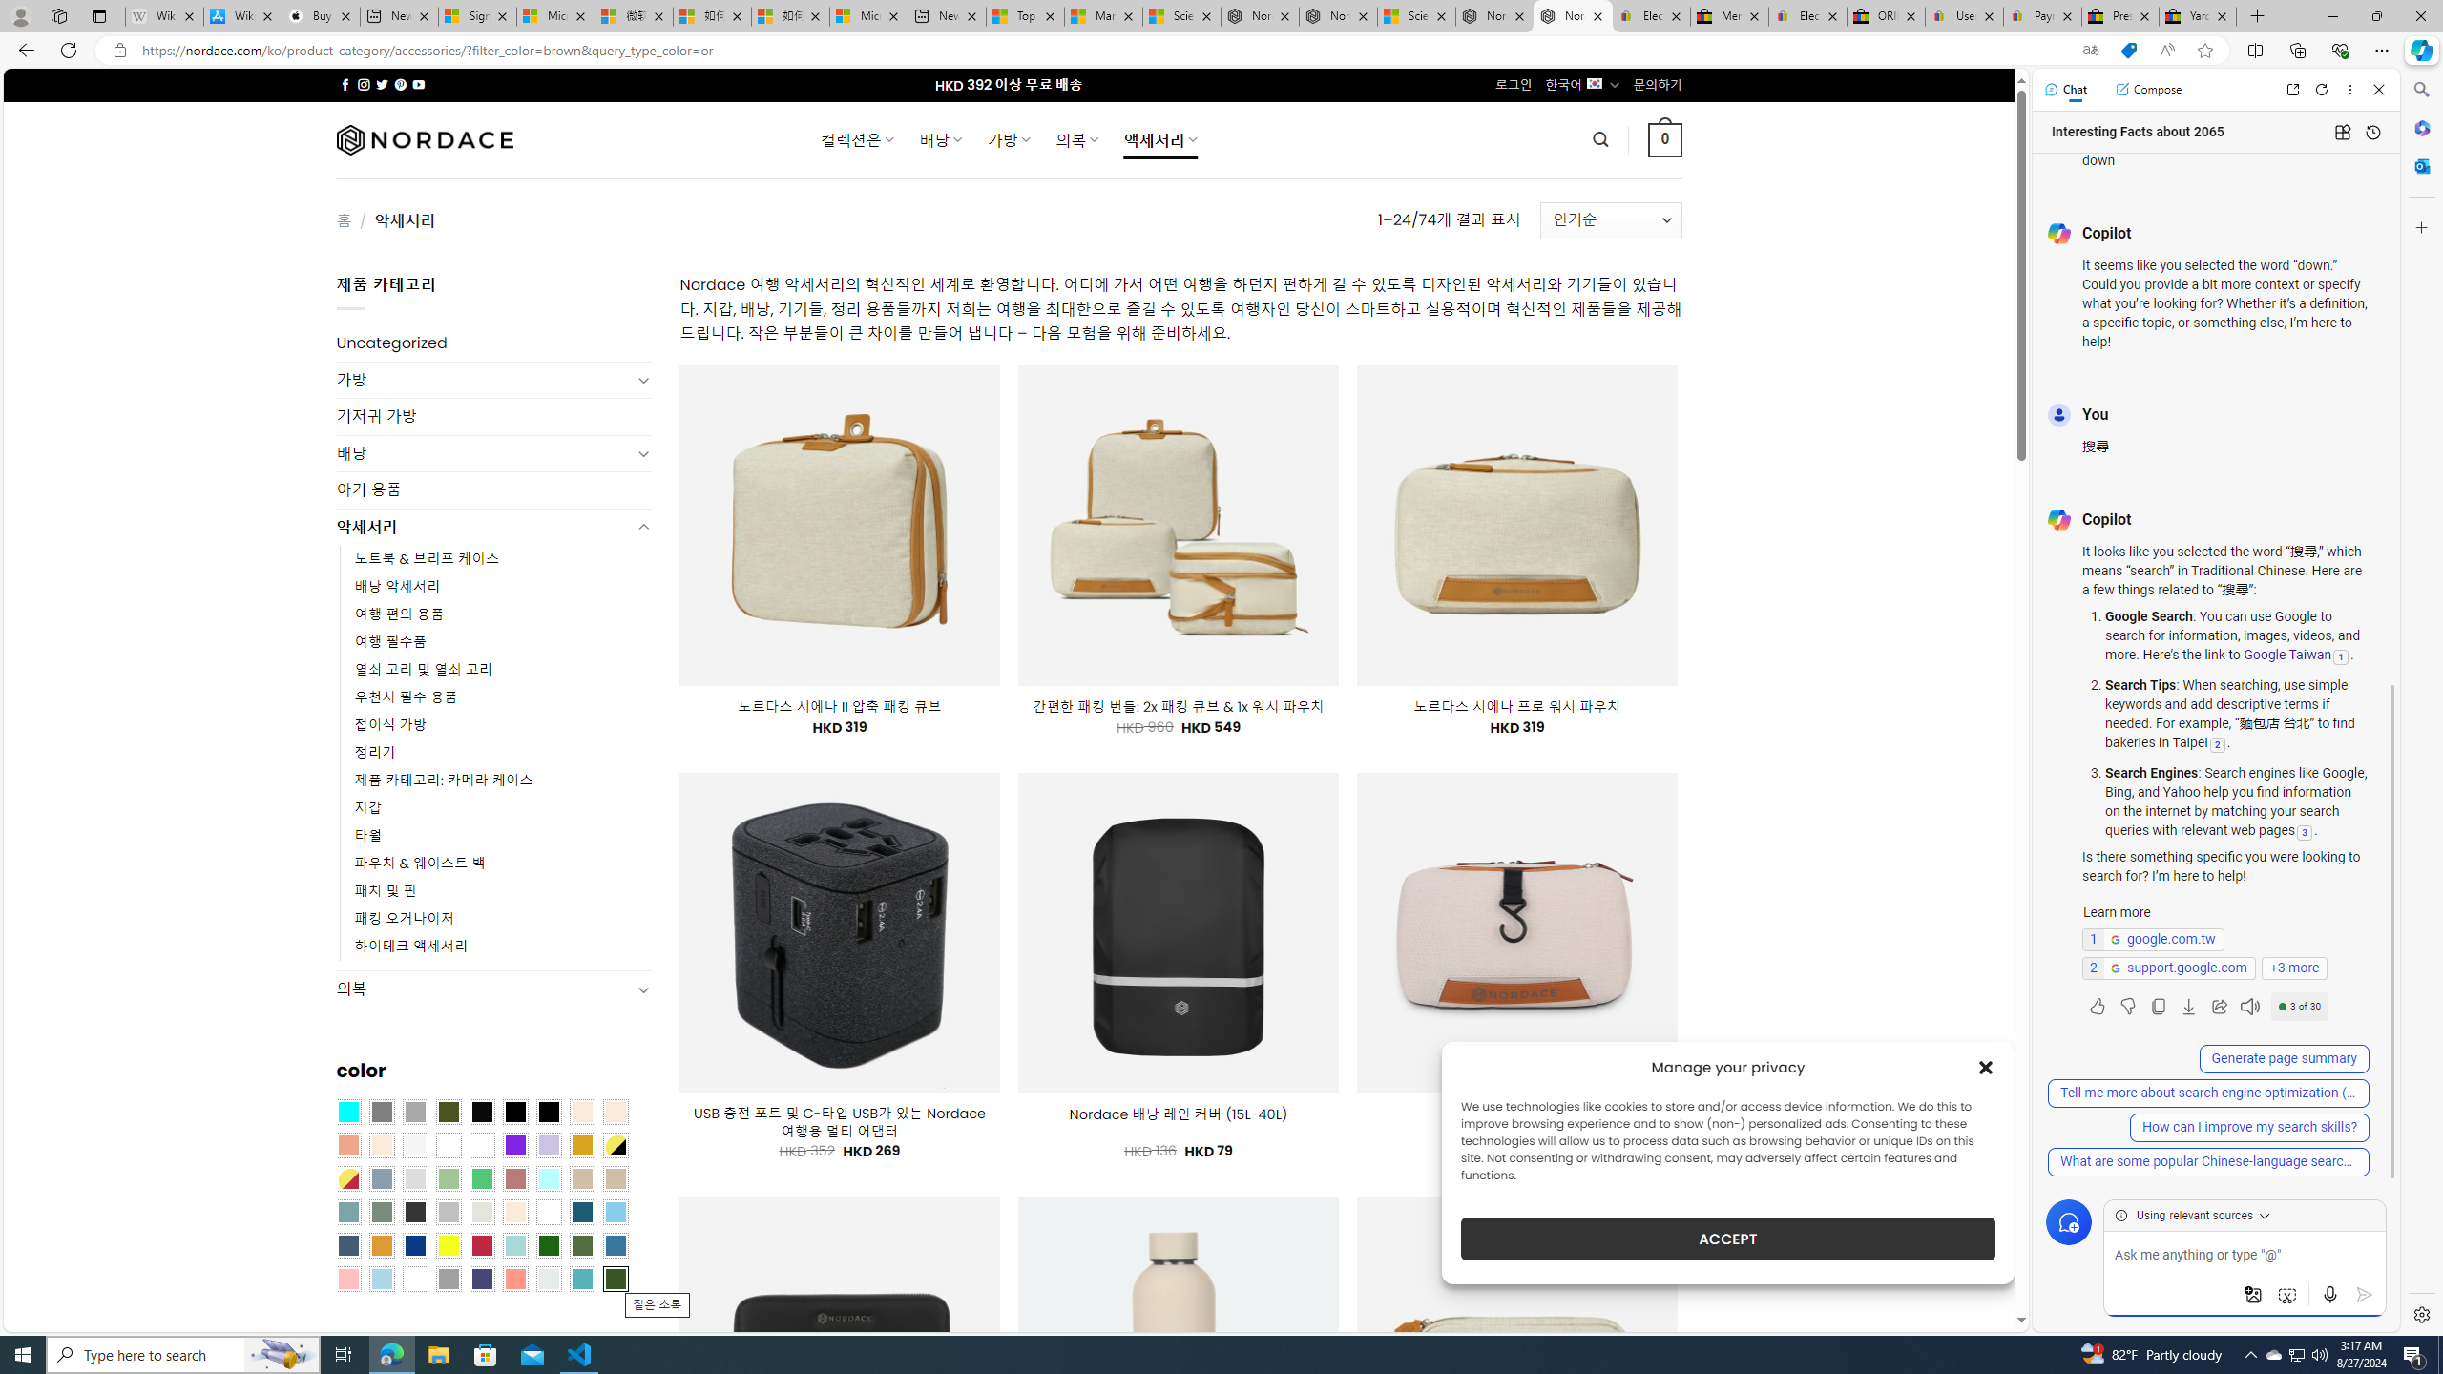 Image resolution: width=2443 pixels, height=1374 pixels. I want to click on 'Microsoft account | Account Checkup', so click(867, 15).